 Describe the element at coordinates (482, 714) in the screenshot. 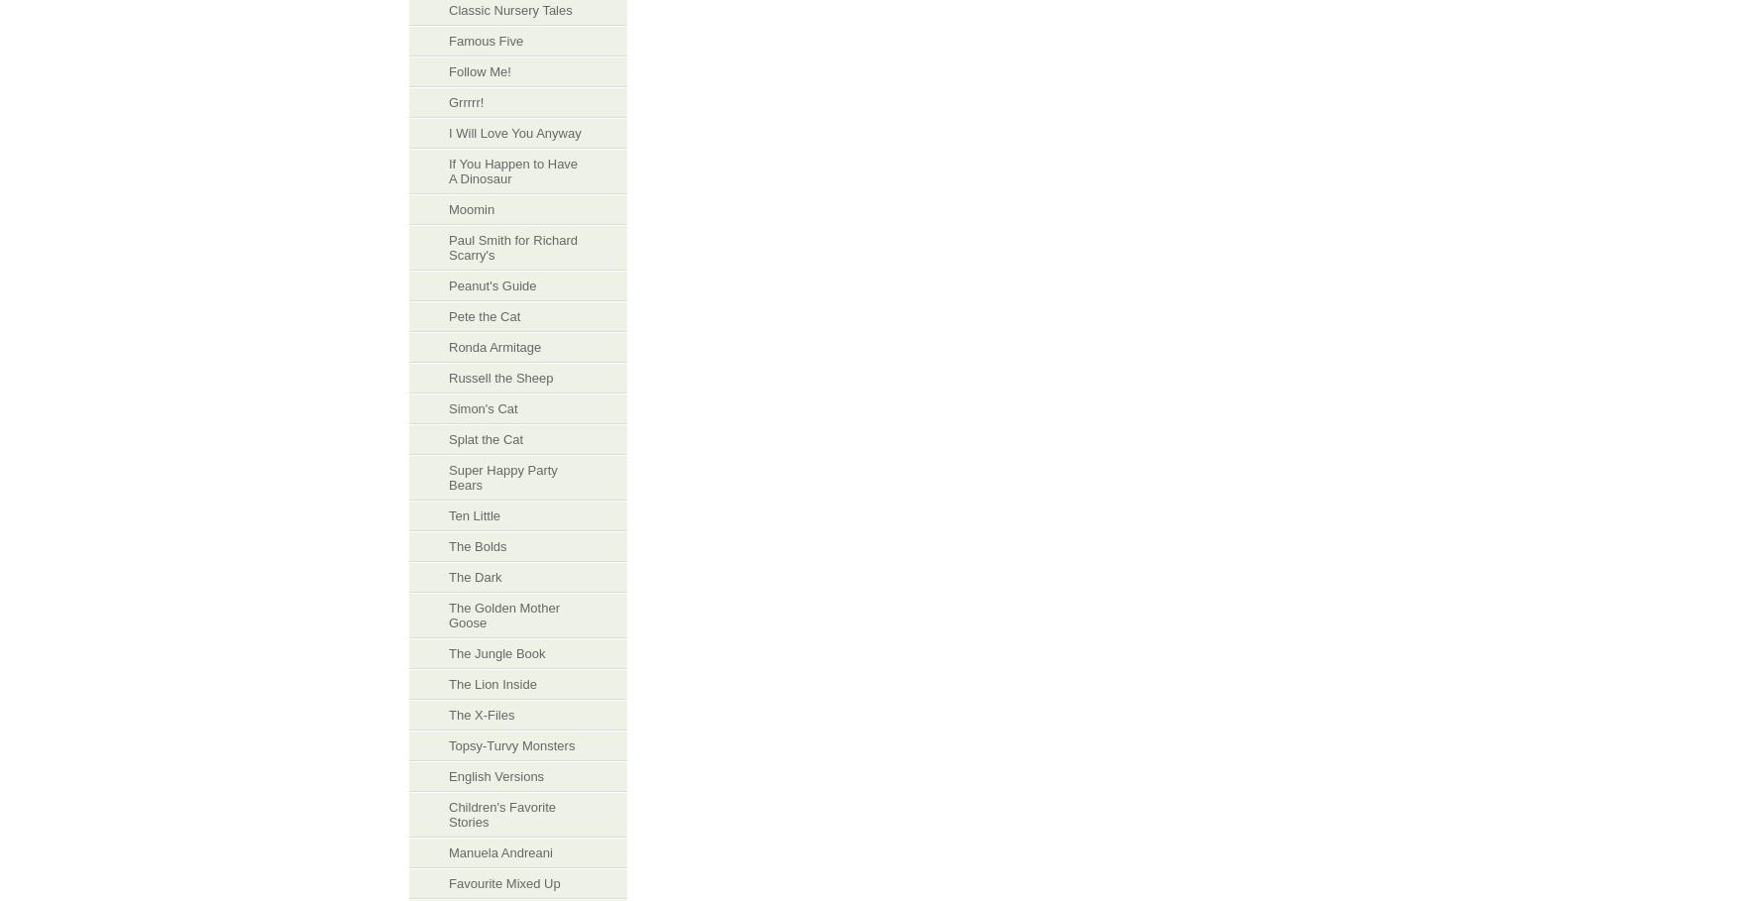

I see `'The X-Files'` at that location.